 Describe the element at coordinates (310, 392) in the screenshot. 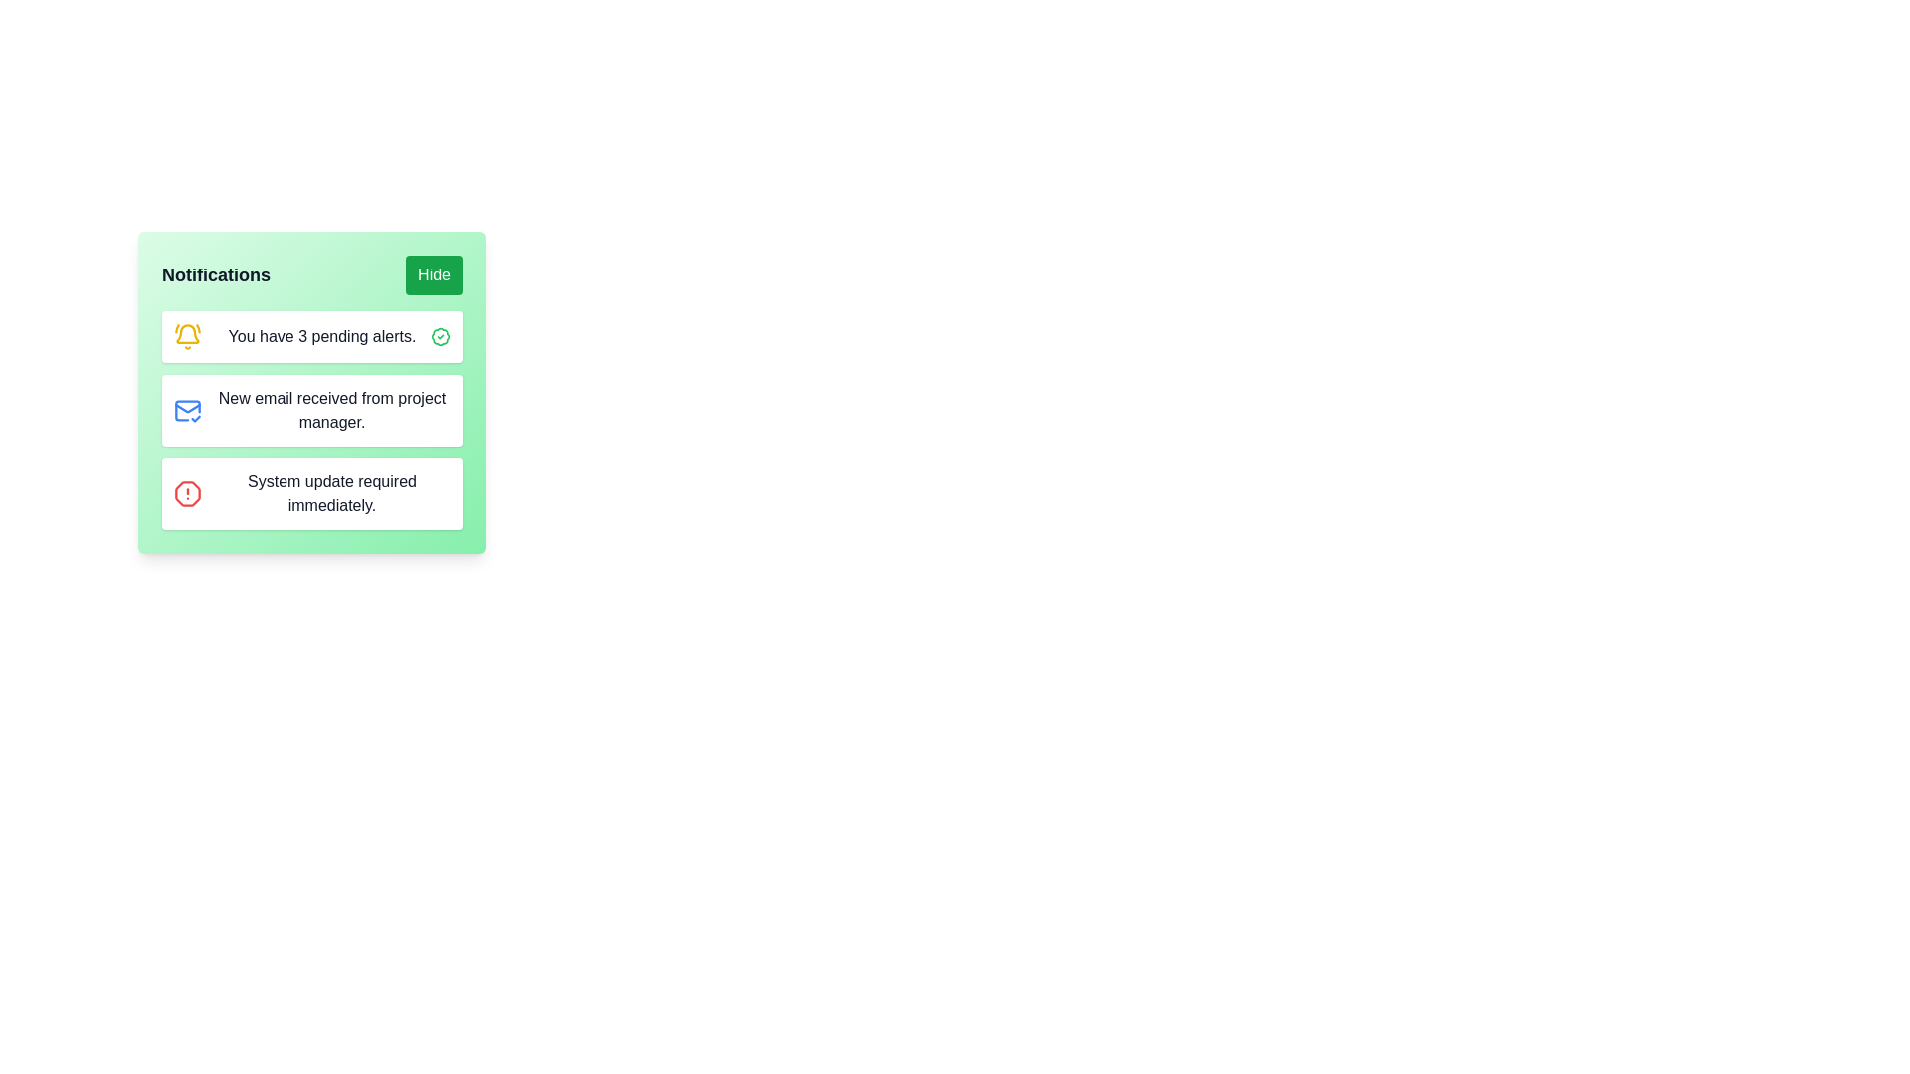

I see `the notification panel which displays user notifications and includes a 'Hide' button in the header` at that location.